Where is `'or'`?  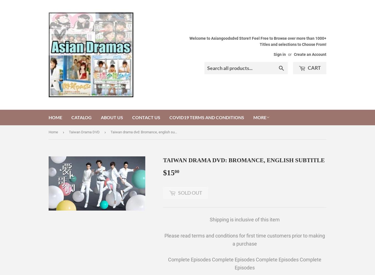 'or' is located at coordinates (290, 54).